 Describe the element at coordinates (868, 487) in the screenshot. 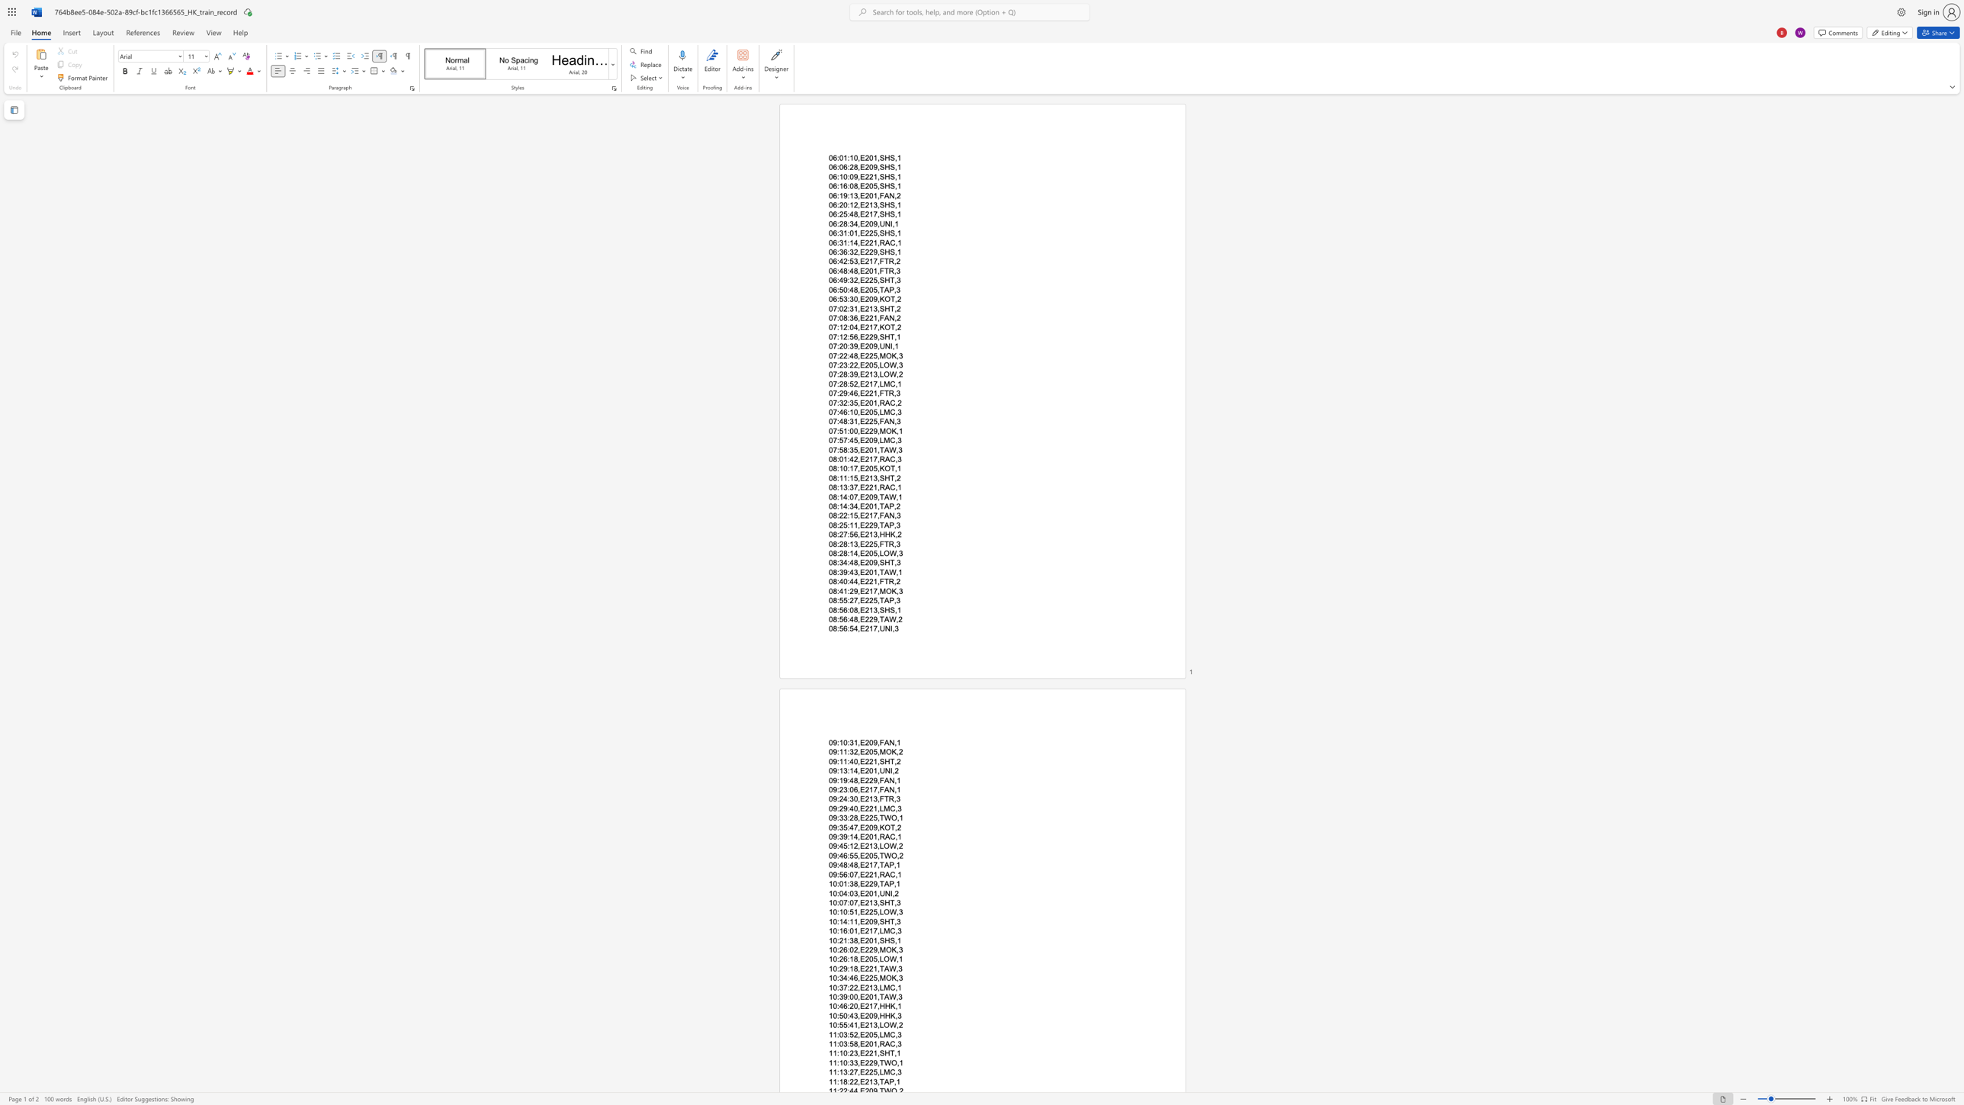

I see `the space between the continuous character "2" and "2" in the text` at that location.